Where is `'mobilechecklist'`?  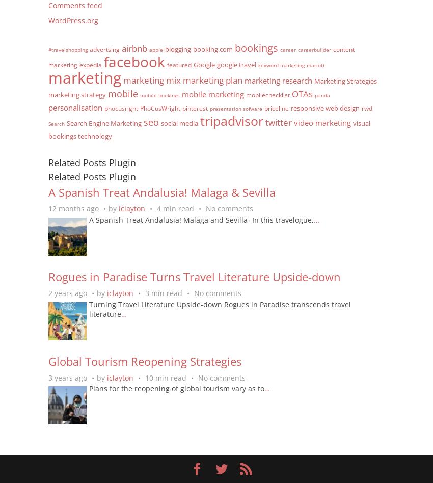
'mobilechecklist' is located at coordinates (267, 94).